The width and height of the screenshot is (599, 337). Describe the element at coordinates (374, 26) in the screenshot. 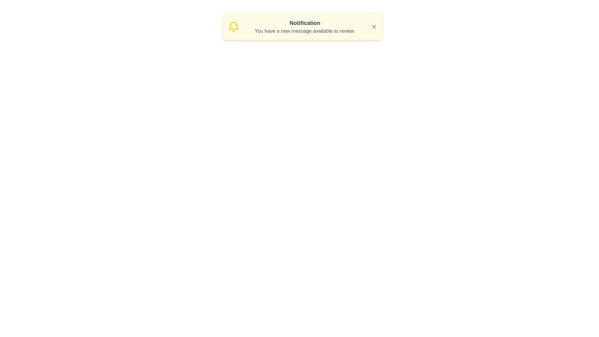

I see `the close button icon located at the top-right corner of the notification box to observe the color change` at that location.